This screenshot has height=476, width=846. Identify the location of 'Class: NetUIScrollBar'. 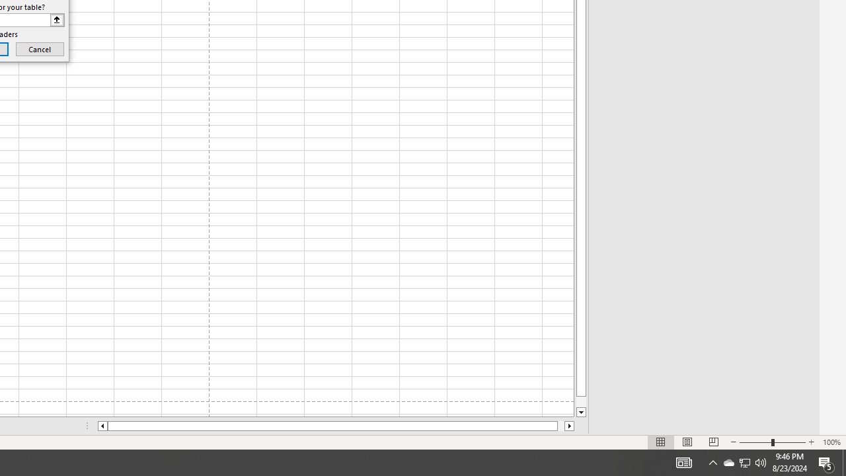
(336, 426).